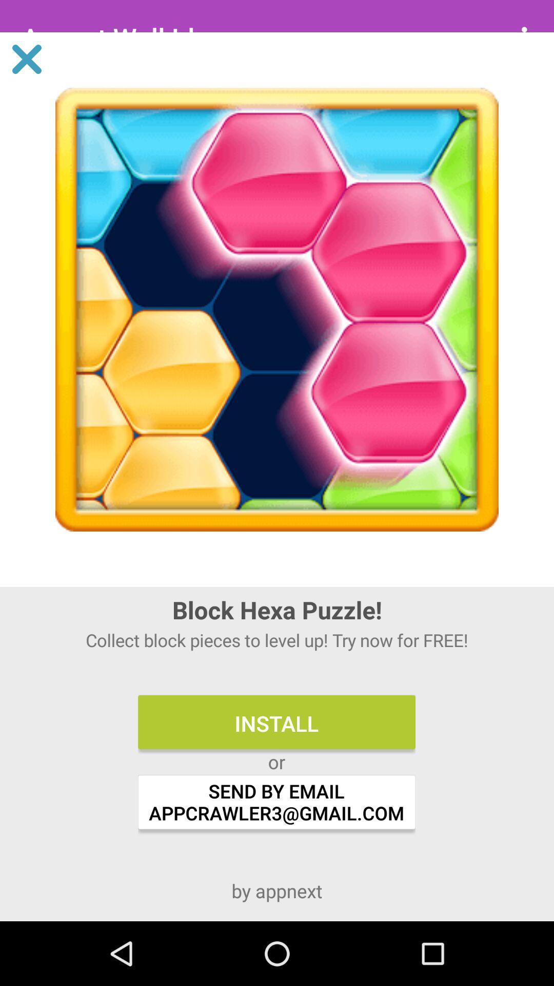 The width and height of the screenshot is (554, 986). I want to click on the close icon, so click(26, 59).